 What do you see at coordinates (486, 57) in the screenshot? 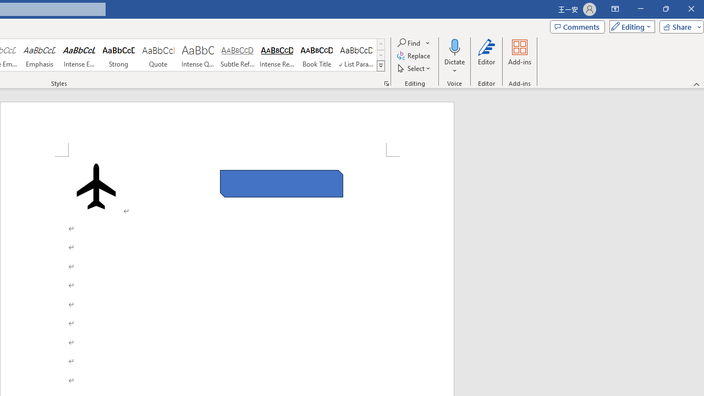
I see `'Editor'` at bounding box center [486, 57].